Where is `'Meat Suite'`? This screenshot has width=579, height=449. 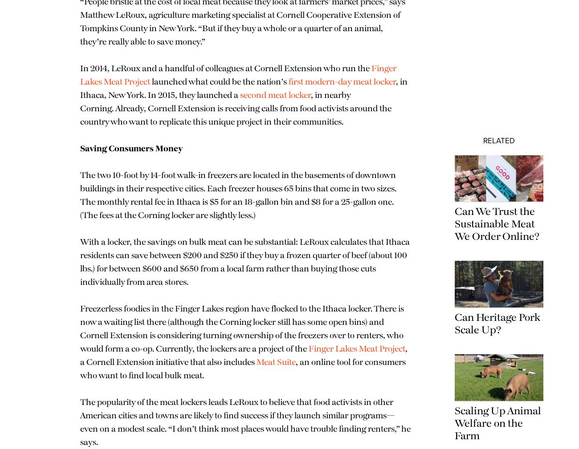 'Meat Suite' is located at coordinates (256, 389).